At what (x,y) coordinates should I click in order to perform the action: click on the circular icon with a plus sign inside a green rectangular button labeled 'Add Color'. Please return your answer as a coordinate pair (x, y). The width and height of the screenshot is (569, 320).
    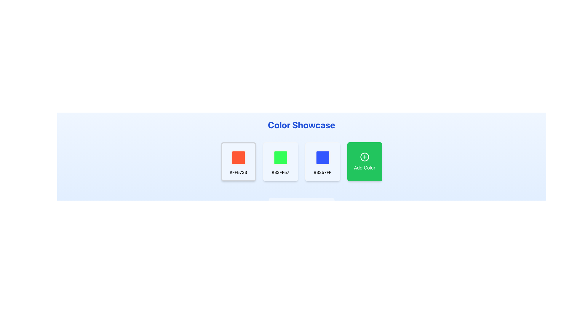
    Looking at the image, I should click on (364, 156).